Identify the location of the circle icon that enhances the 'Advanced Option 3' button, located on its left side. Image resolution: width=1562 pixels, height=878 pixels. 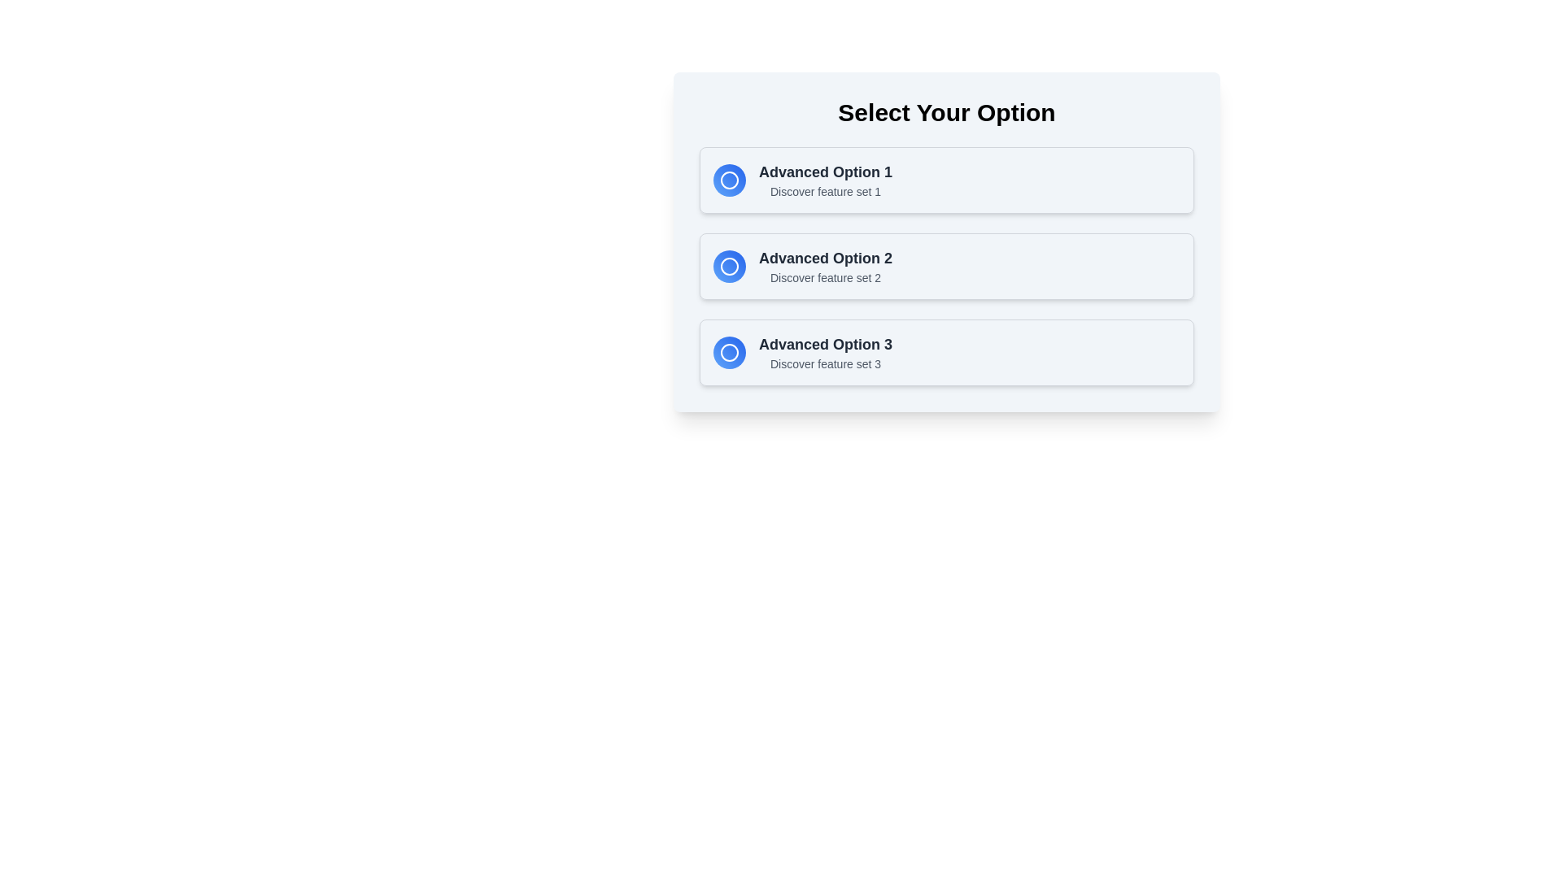
(729, 352).